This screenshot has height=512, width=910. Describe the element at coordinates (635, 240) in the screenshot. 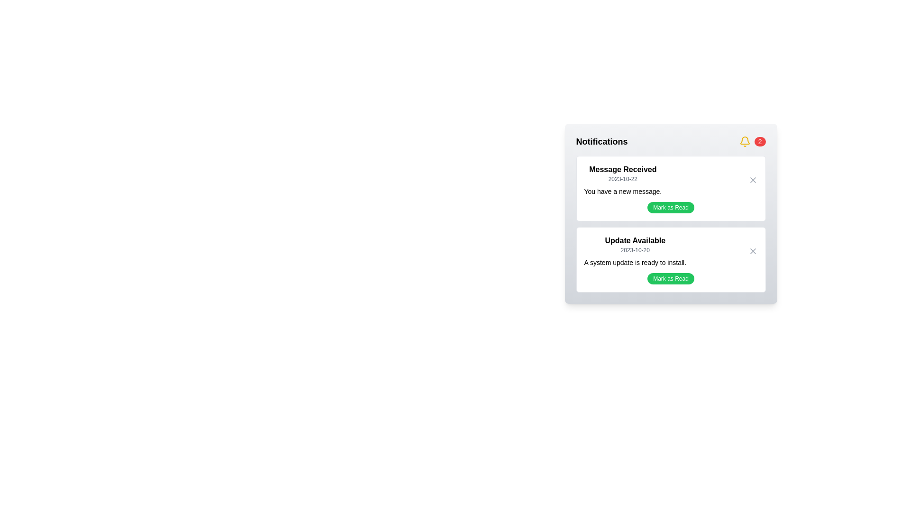

I see `text label titled 'Update Available' located at the center of the second notification card, which conveys the main subject of the notification` at that location.